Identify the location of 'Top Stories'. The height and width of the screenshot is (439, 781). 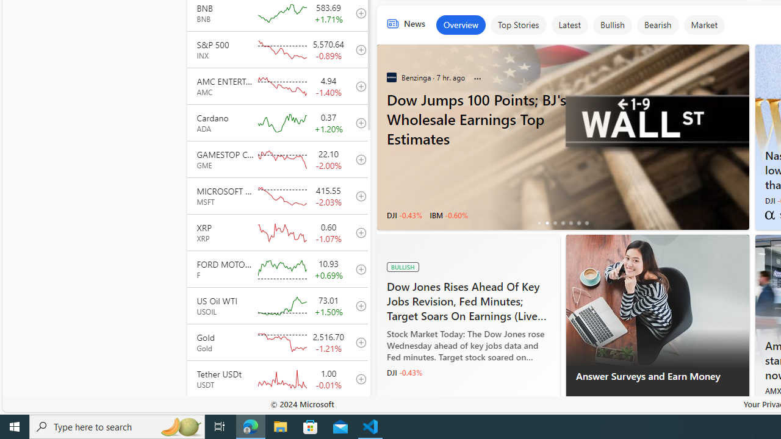
(517, 25).